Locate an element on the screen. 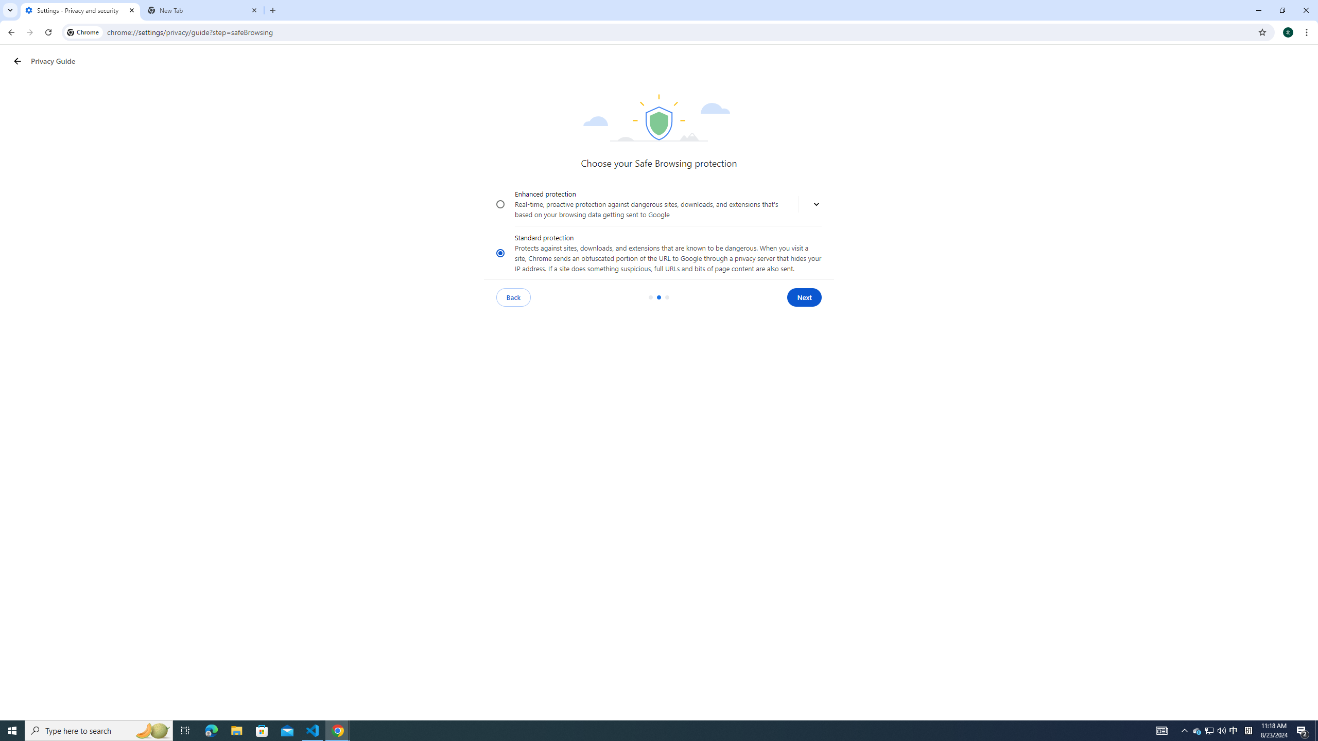 This screenshot has width=1318, height=741. 'Settings - Privacy and security' is located at coordinates (80, 10).